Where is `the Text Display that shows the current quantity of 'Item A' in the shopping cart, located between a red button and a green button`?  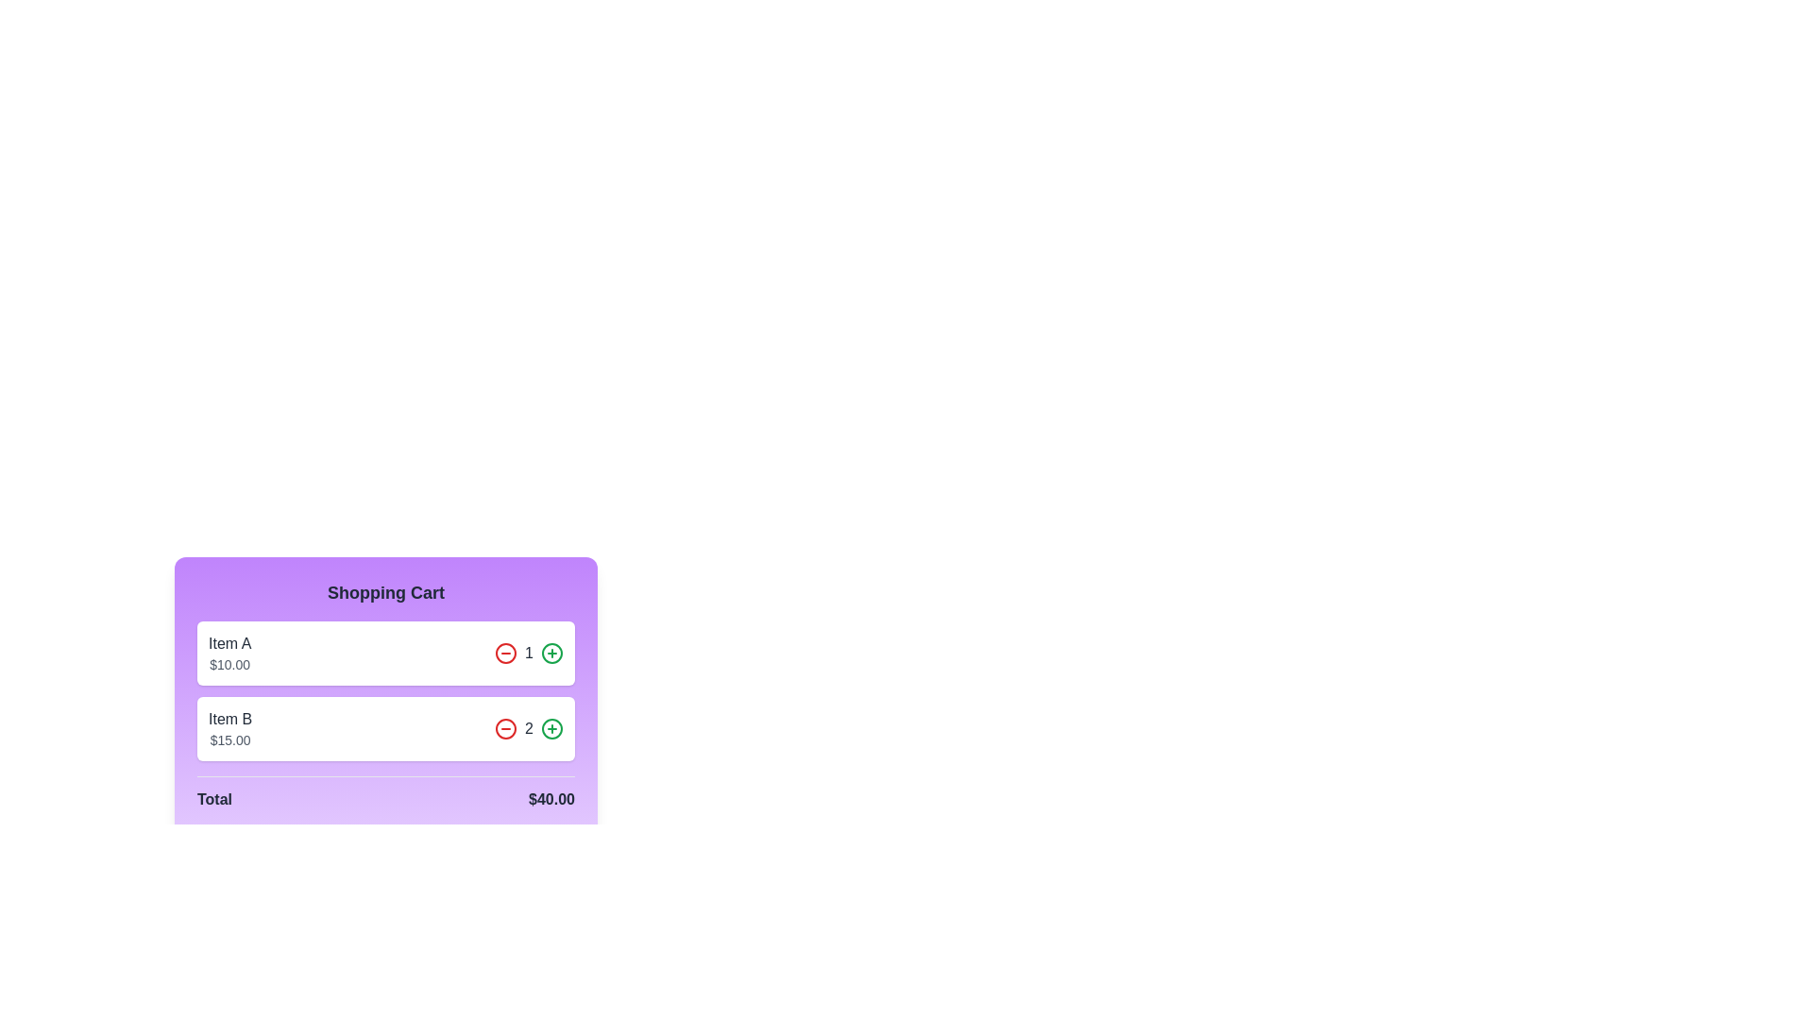 the Text Display that shows the current quantity of 'Item A' in the shopping cart, located between a red button and a green button is located at coordinates (529, 652).